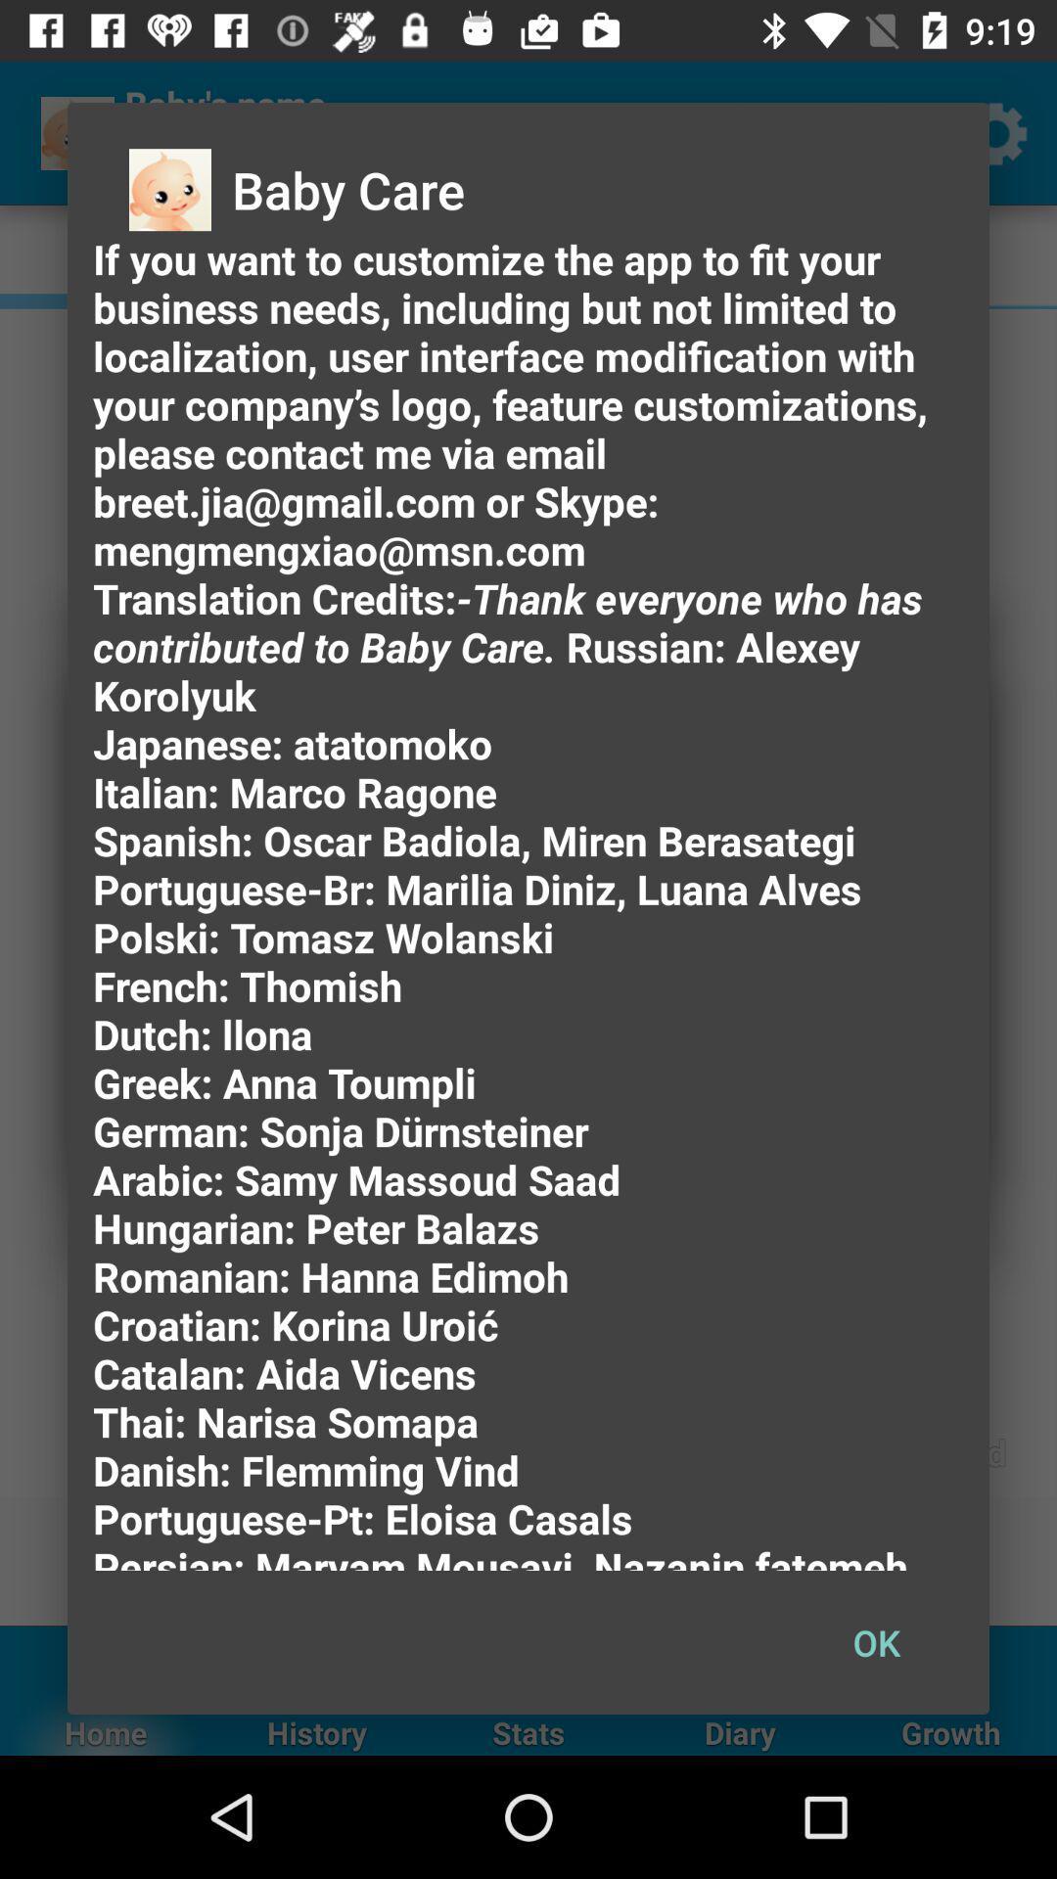  Describe the element at coordinates (875, 1642) in the screenshot. I see `the ok` at that location.